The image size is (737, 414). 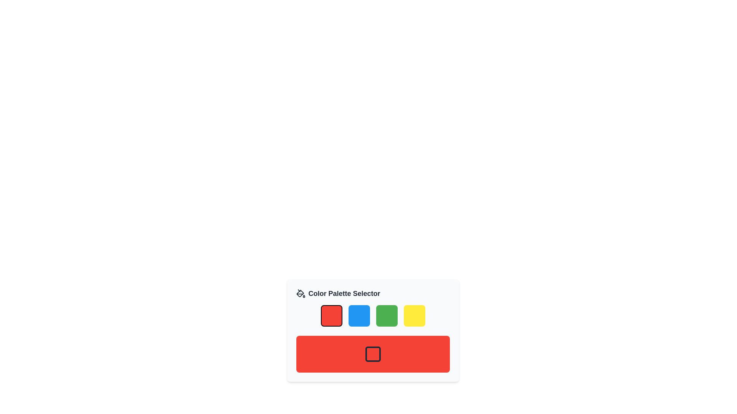 What do you see at coordinates (373, 316) in the screenshot?
I see `any button within the Group of color buttons located in the Color Palette Selector section` at bounding box center [373, 316].